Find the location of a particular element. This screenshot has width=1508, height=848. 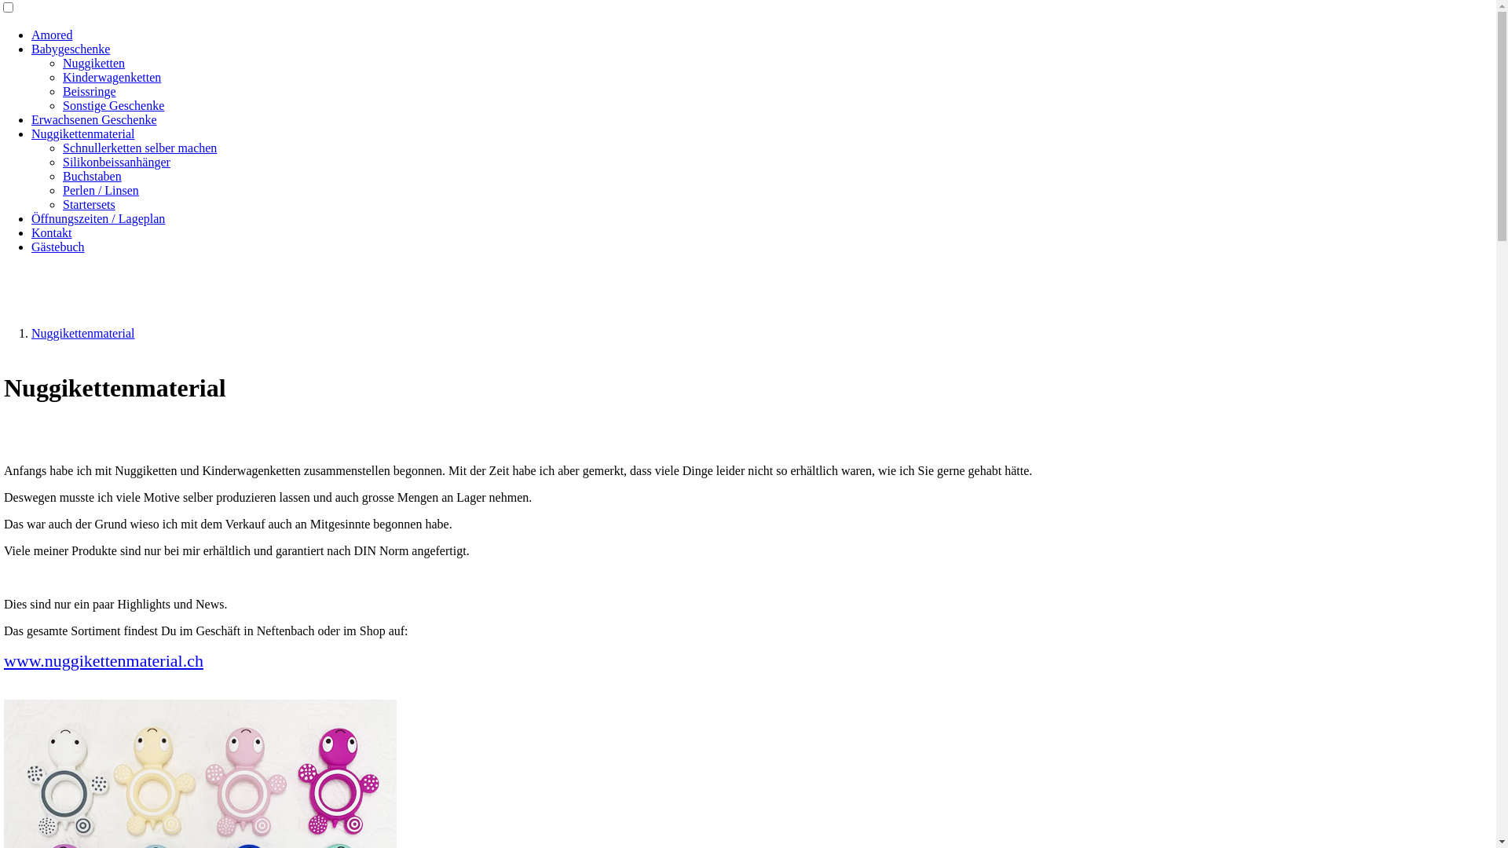

'Nuggiketten' is located at coordinates (63, 62).